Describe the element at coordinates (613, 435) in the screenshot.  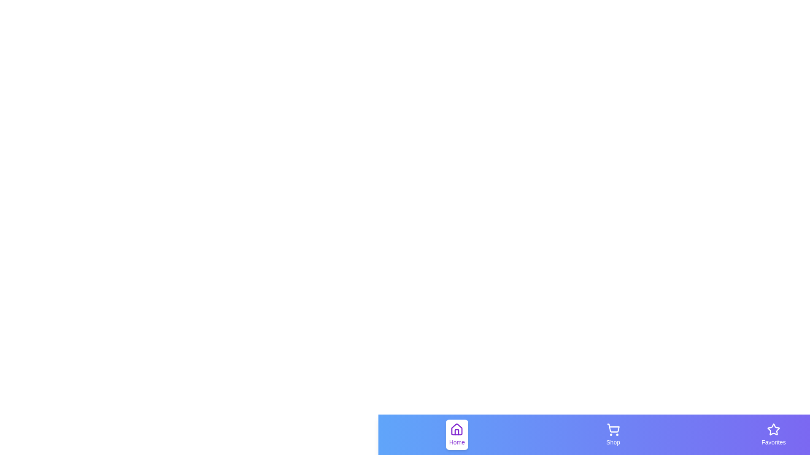
I see `the tab labeled Shop to select it` at that location.